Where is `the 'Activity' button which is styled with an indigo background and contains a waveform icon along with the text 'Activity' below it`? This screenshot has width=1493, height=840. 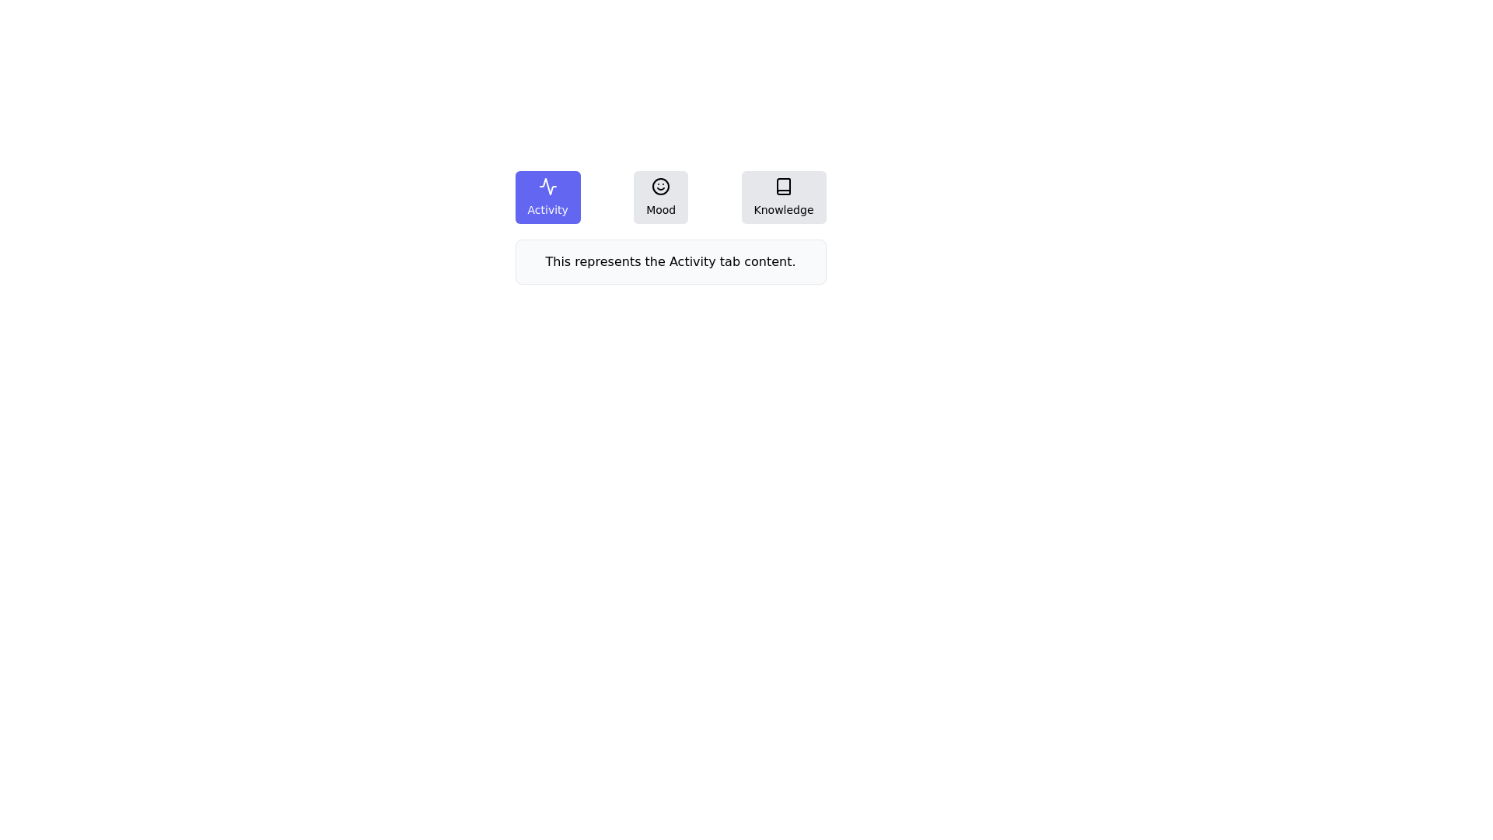 the 'Activity' button which is styled with an indigo background and contains a waveform icon along with the text 'Activity' below it is located at coordinates (547, 197).